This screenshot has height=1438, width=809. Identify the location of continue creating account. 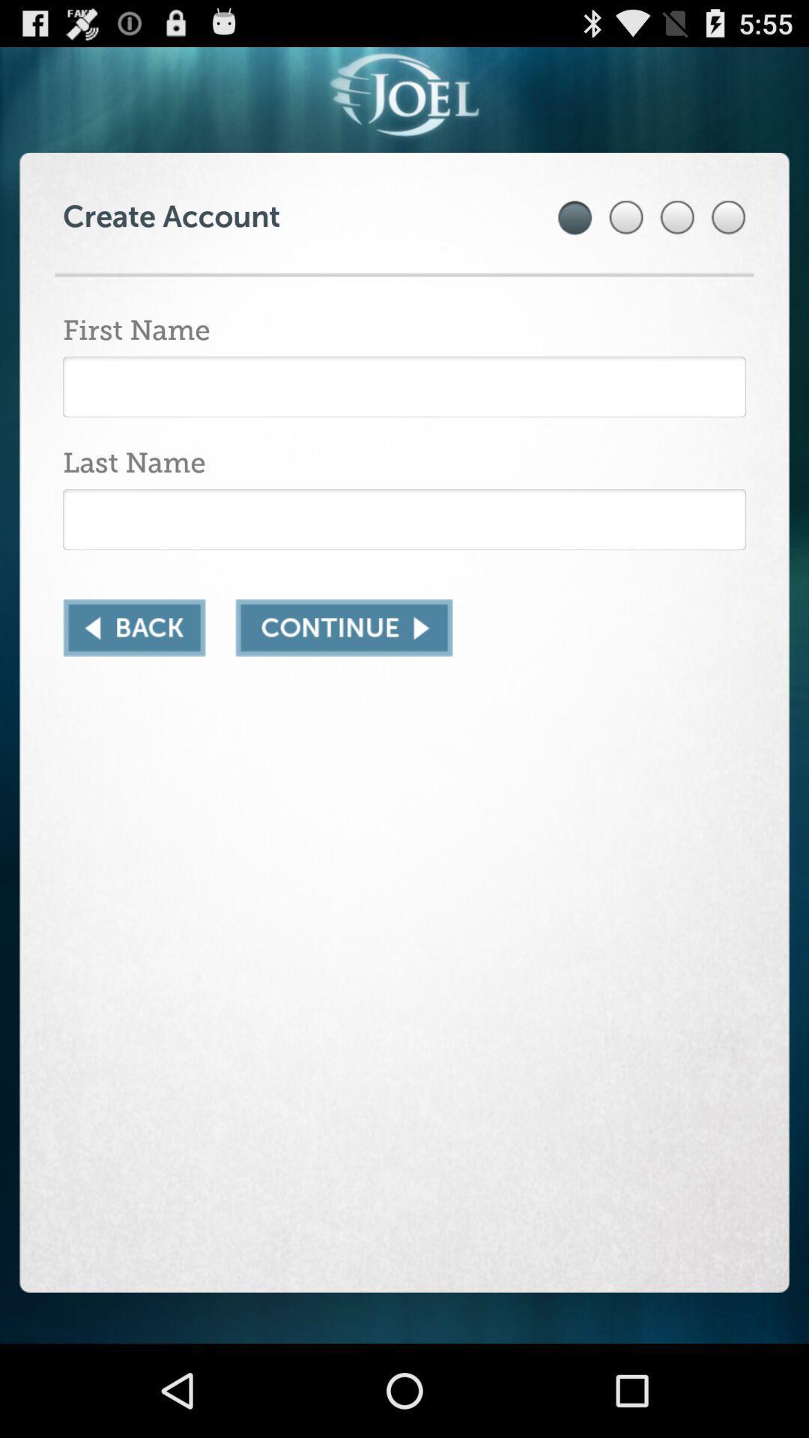
(344, 628).